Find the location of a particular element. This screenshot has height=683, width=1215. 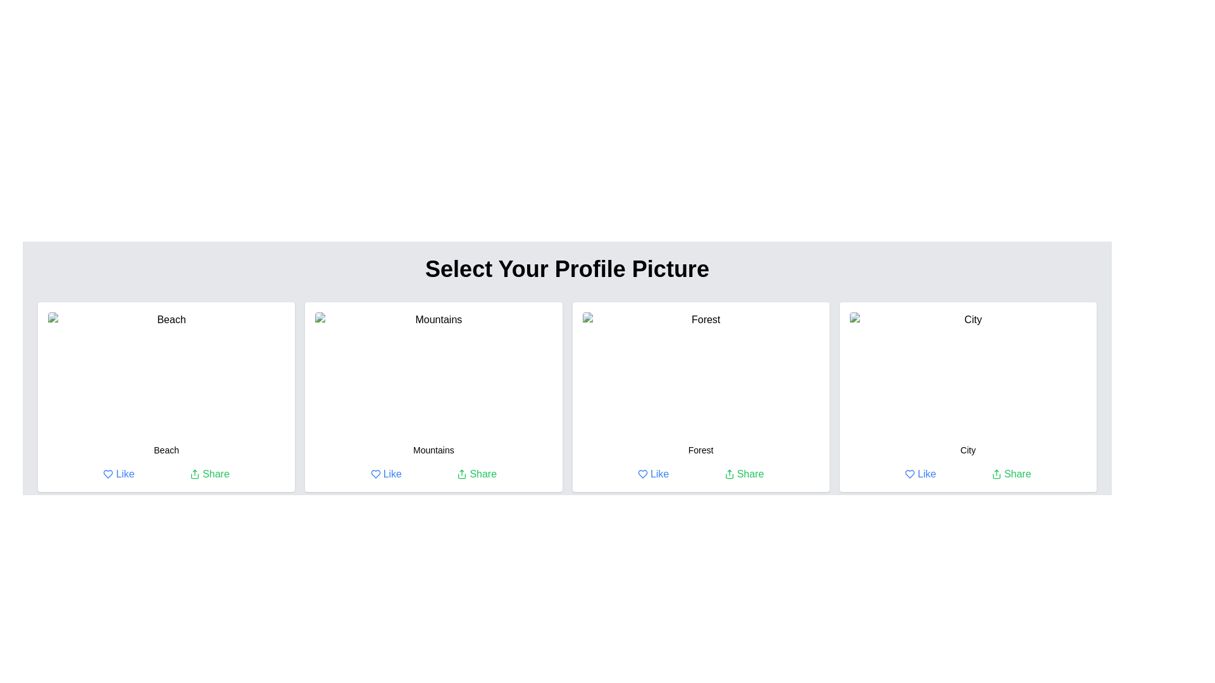

the SVG icon representing a share action with an upward-pointing arrow, styled with a green stroke, located next to the 'Share' text label in the bottom-left corner of the 'Mountains' profile picture card is located at coordinates (461, 474).